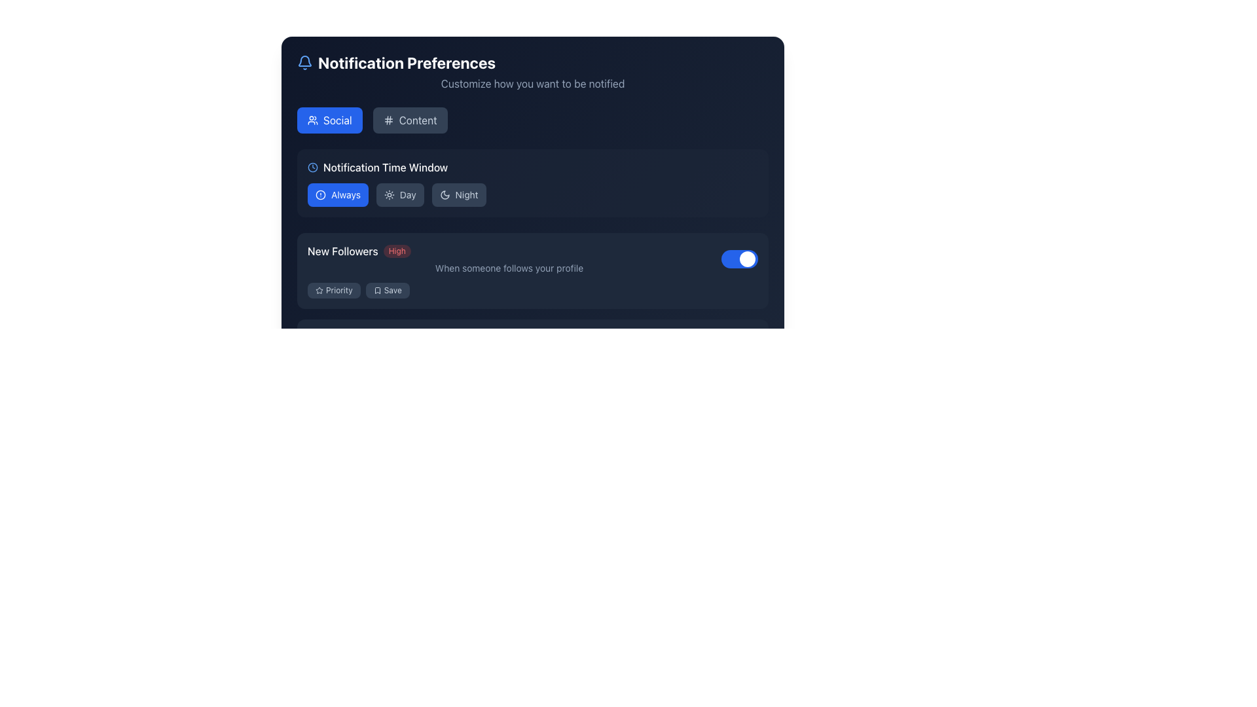 This screenshot has height=707, width=1257. Describe the element at coordinates (508, 259) in the screenshot. I see `the notification description for 'New Followers', which explains its importance and is located under the 'Notification Time Window' section in the 'Notification Preferences' interface` at that location.